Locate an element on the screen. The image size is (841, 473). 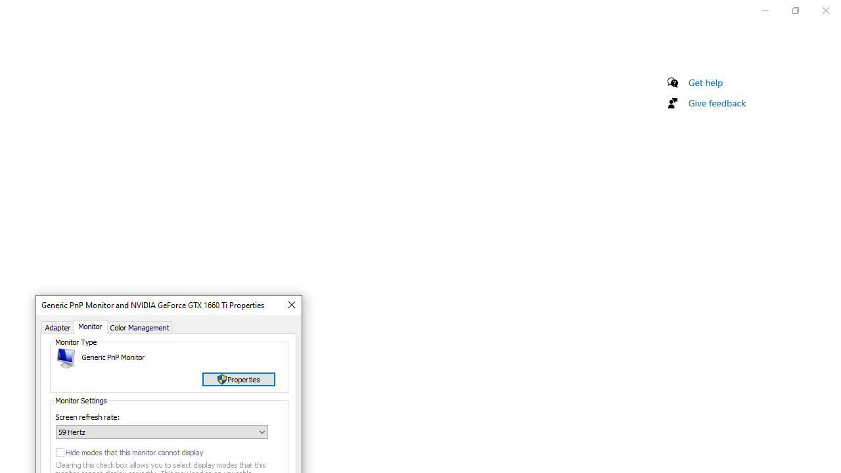
'Screen refresh rate:' is located at coordinates (161, 432).